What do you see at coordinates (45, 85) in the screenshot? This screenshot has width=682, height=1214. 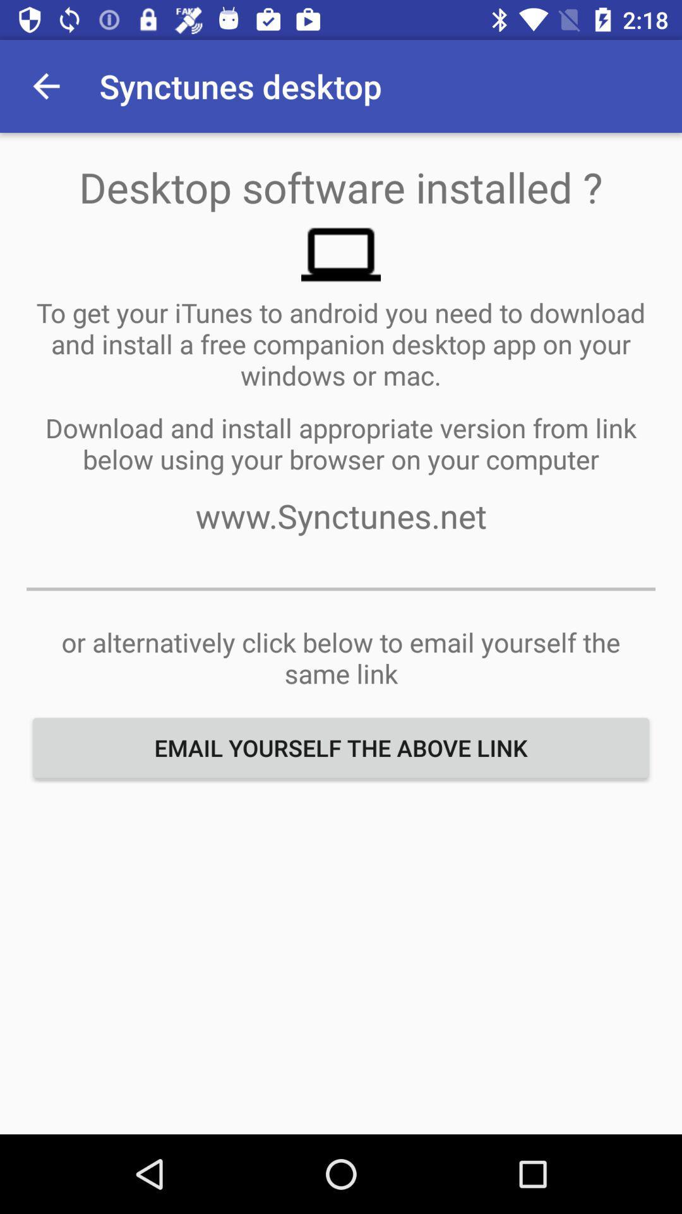 I see `icon to the left of synctunes desktop app` at bounding box center [45, 85].